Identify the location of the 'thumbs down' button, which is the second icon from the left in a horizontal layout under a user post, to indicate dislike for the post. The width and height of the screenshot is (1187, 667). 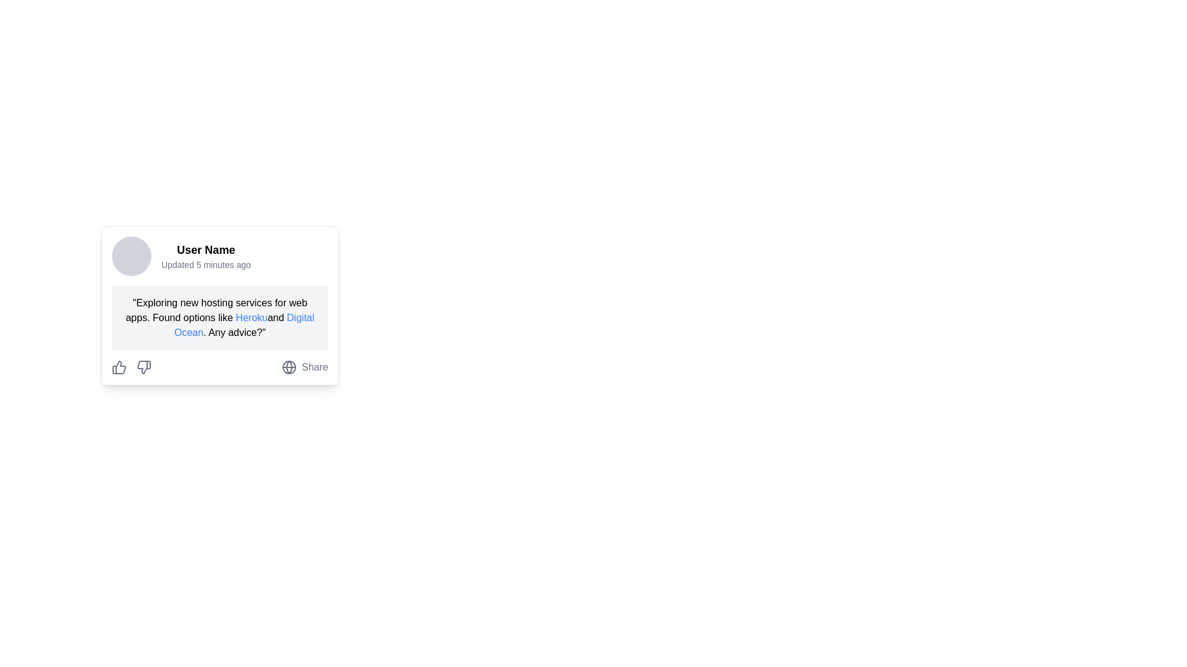
(144, 366).